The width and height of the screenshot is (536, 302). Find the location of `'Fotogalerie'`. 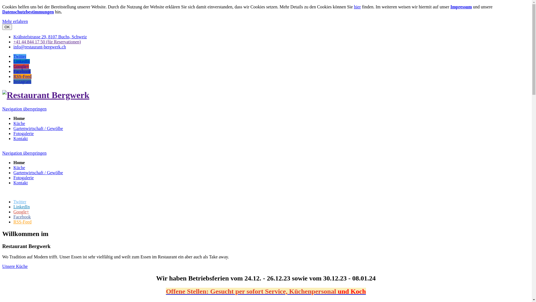

'Fotogalerie' is located at coordinates (23, 133).